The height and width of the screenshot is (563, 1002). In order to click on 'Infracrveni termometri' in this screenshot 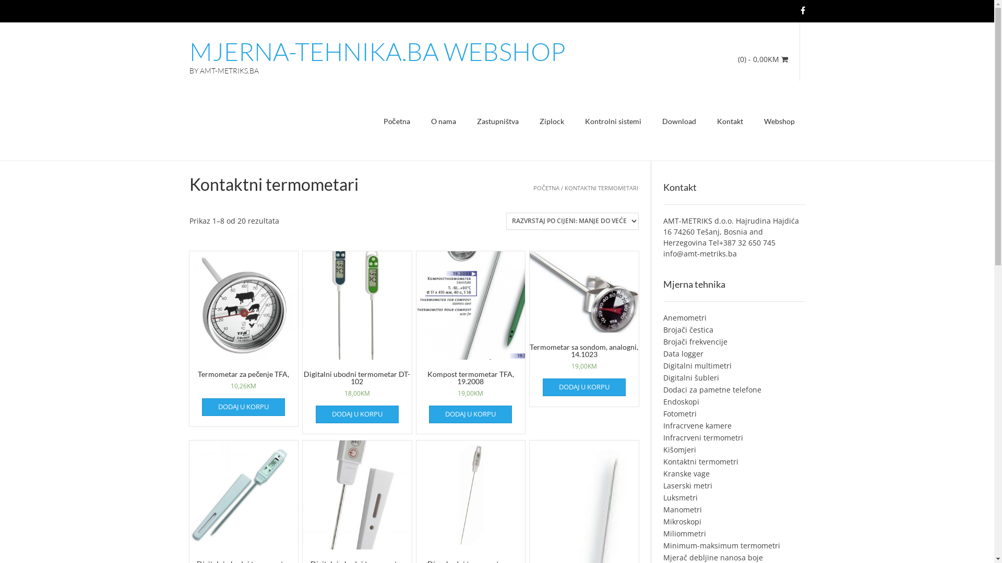, I will do `click(703, 437)`.